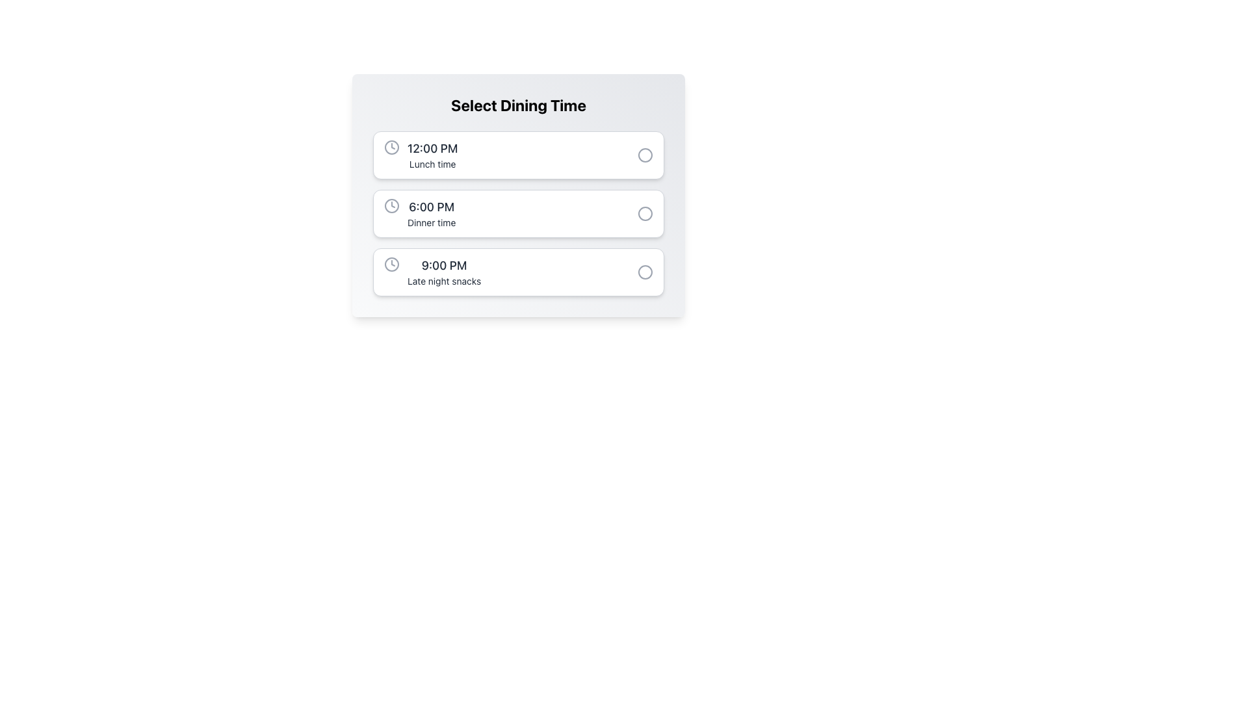 Image resolution: width=1248 pixels, height=702 pixels. Describe the element at coordinates (391, 147) in the screenshot. I see `the inner circular component of the clock icon representing the time selection option for '12:00 PM Lunch time'` at that location.